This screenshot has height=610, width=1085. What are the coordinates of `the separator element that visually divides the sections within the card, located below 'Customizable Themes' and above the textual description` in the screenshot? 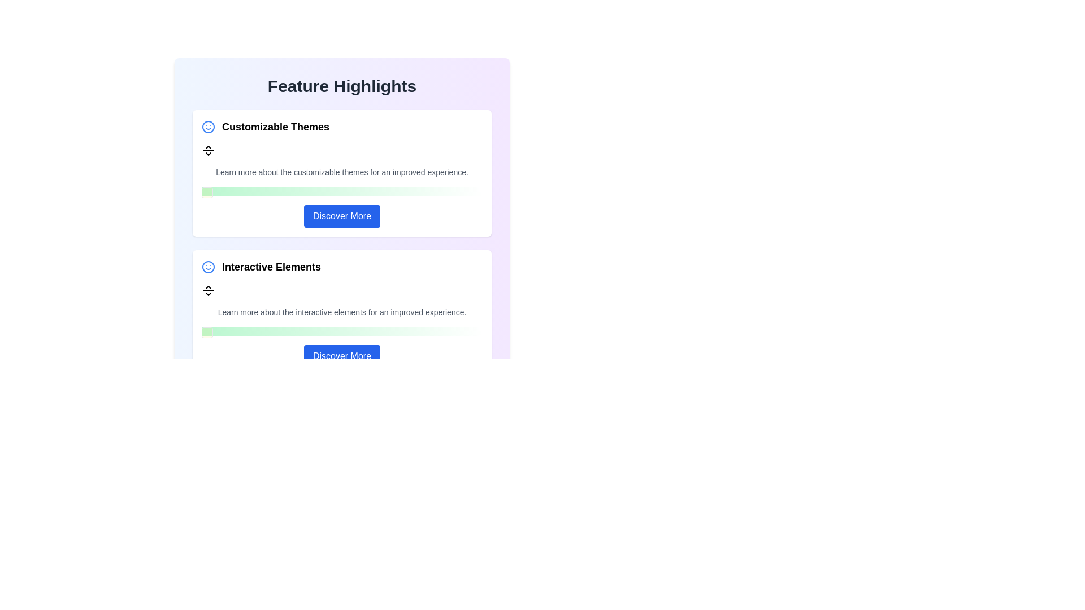 It's located at (209, 150).